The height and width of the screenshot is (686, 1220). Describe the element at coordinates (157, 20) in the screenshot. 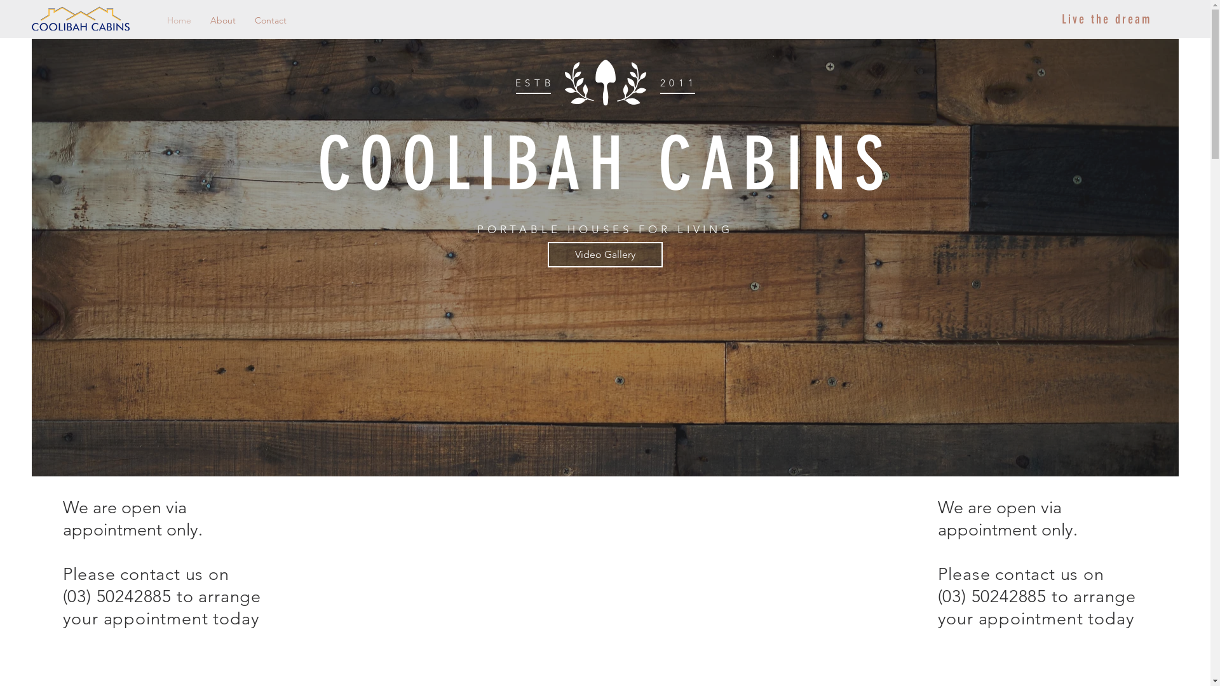

I see `'Home'` at that location.